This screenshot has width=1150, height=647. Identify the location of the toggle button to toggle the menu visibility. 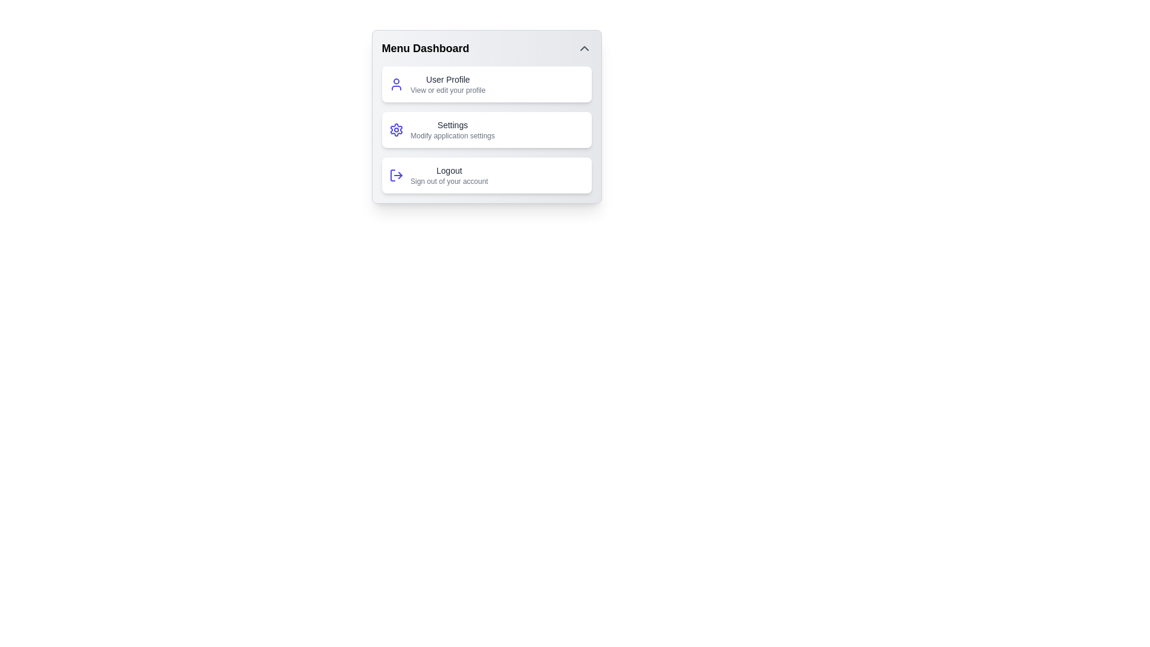
(584, 48).